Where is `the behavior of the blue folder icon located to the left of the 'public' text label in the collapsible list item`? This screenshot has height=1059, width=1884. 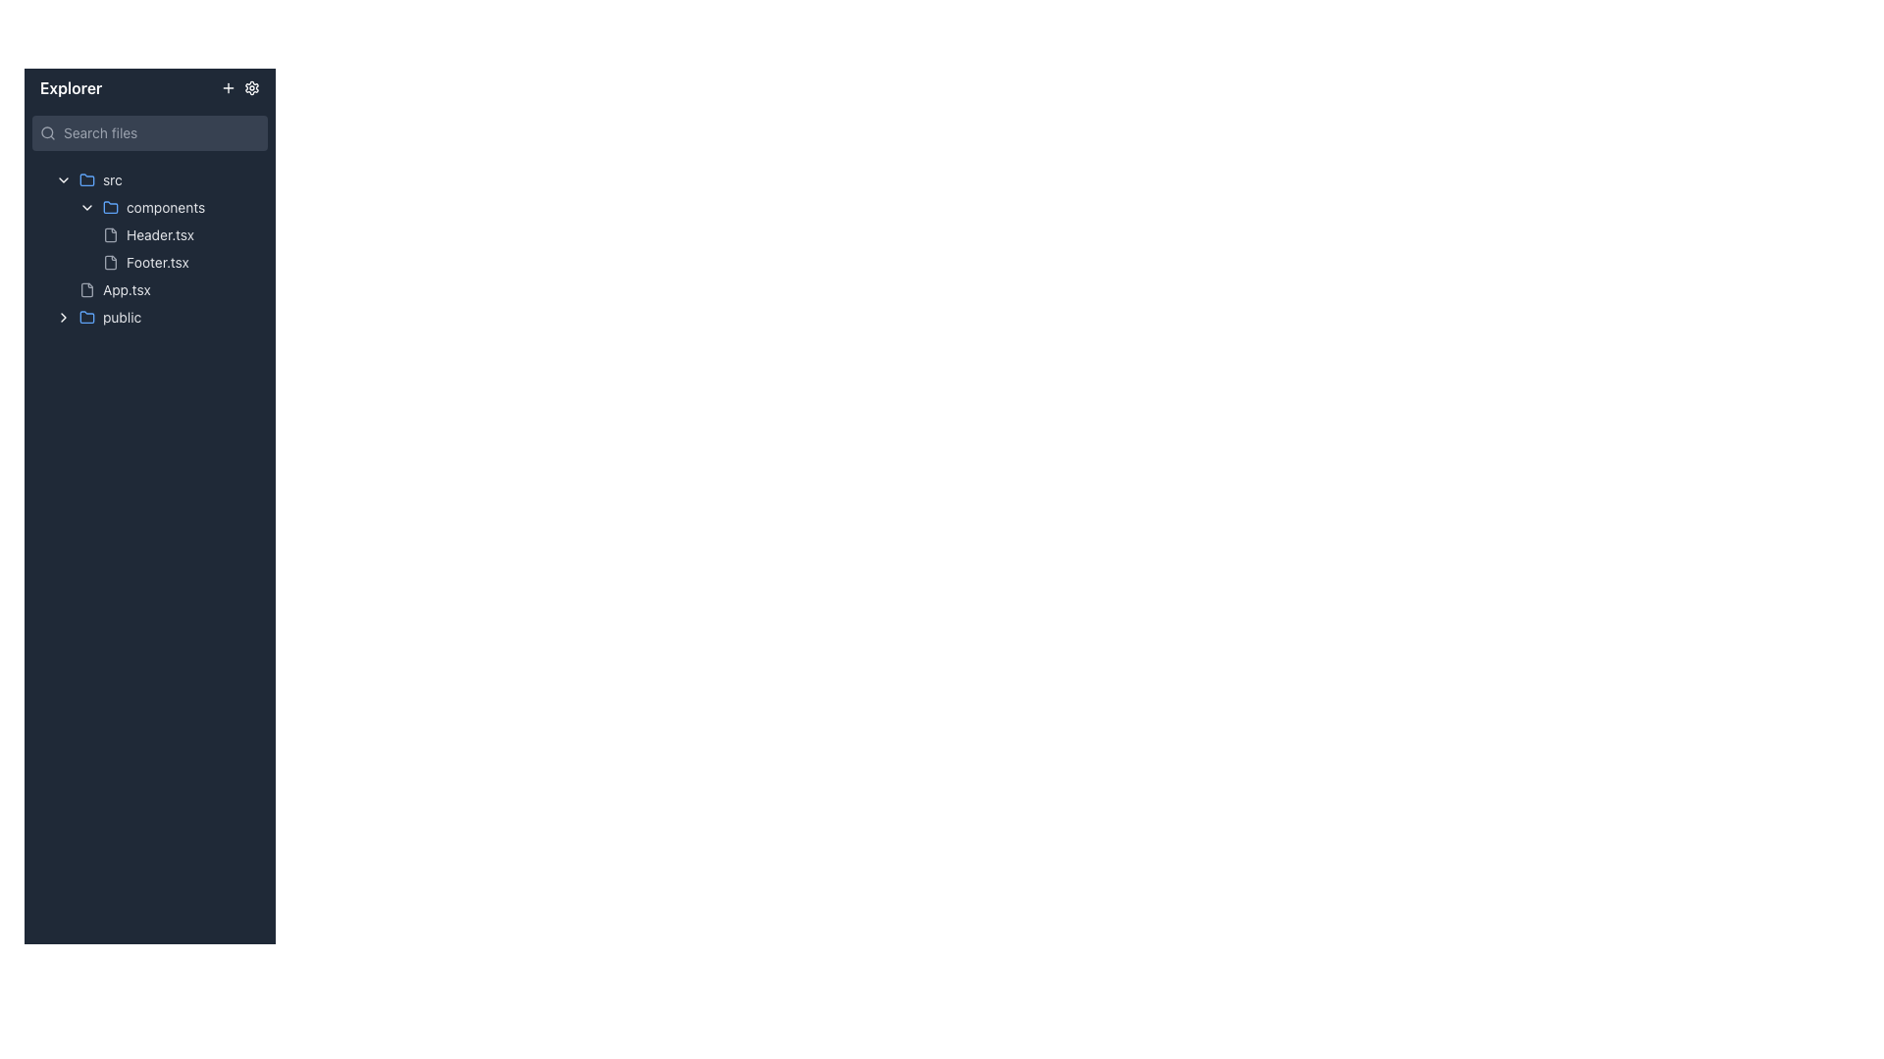
the behavior of the blue folder icon located to the left of the 'public' text label in the collapsible list item is located at coordinates (86, 317).